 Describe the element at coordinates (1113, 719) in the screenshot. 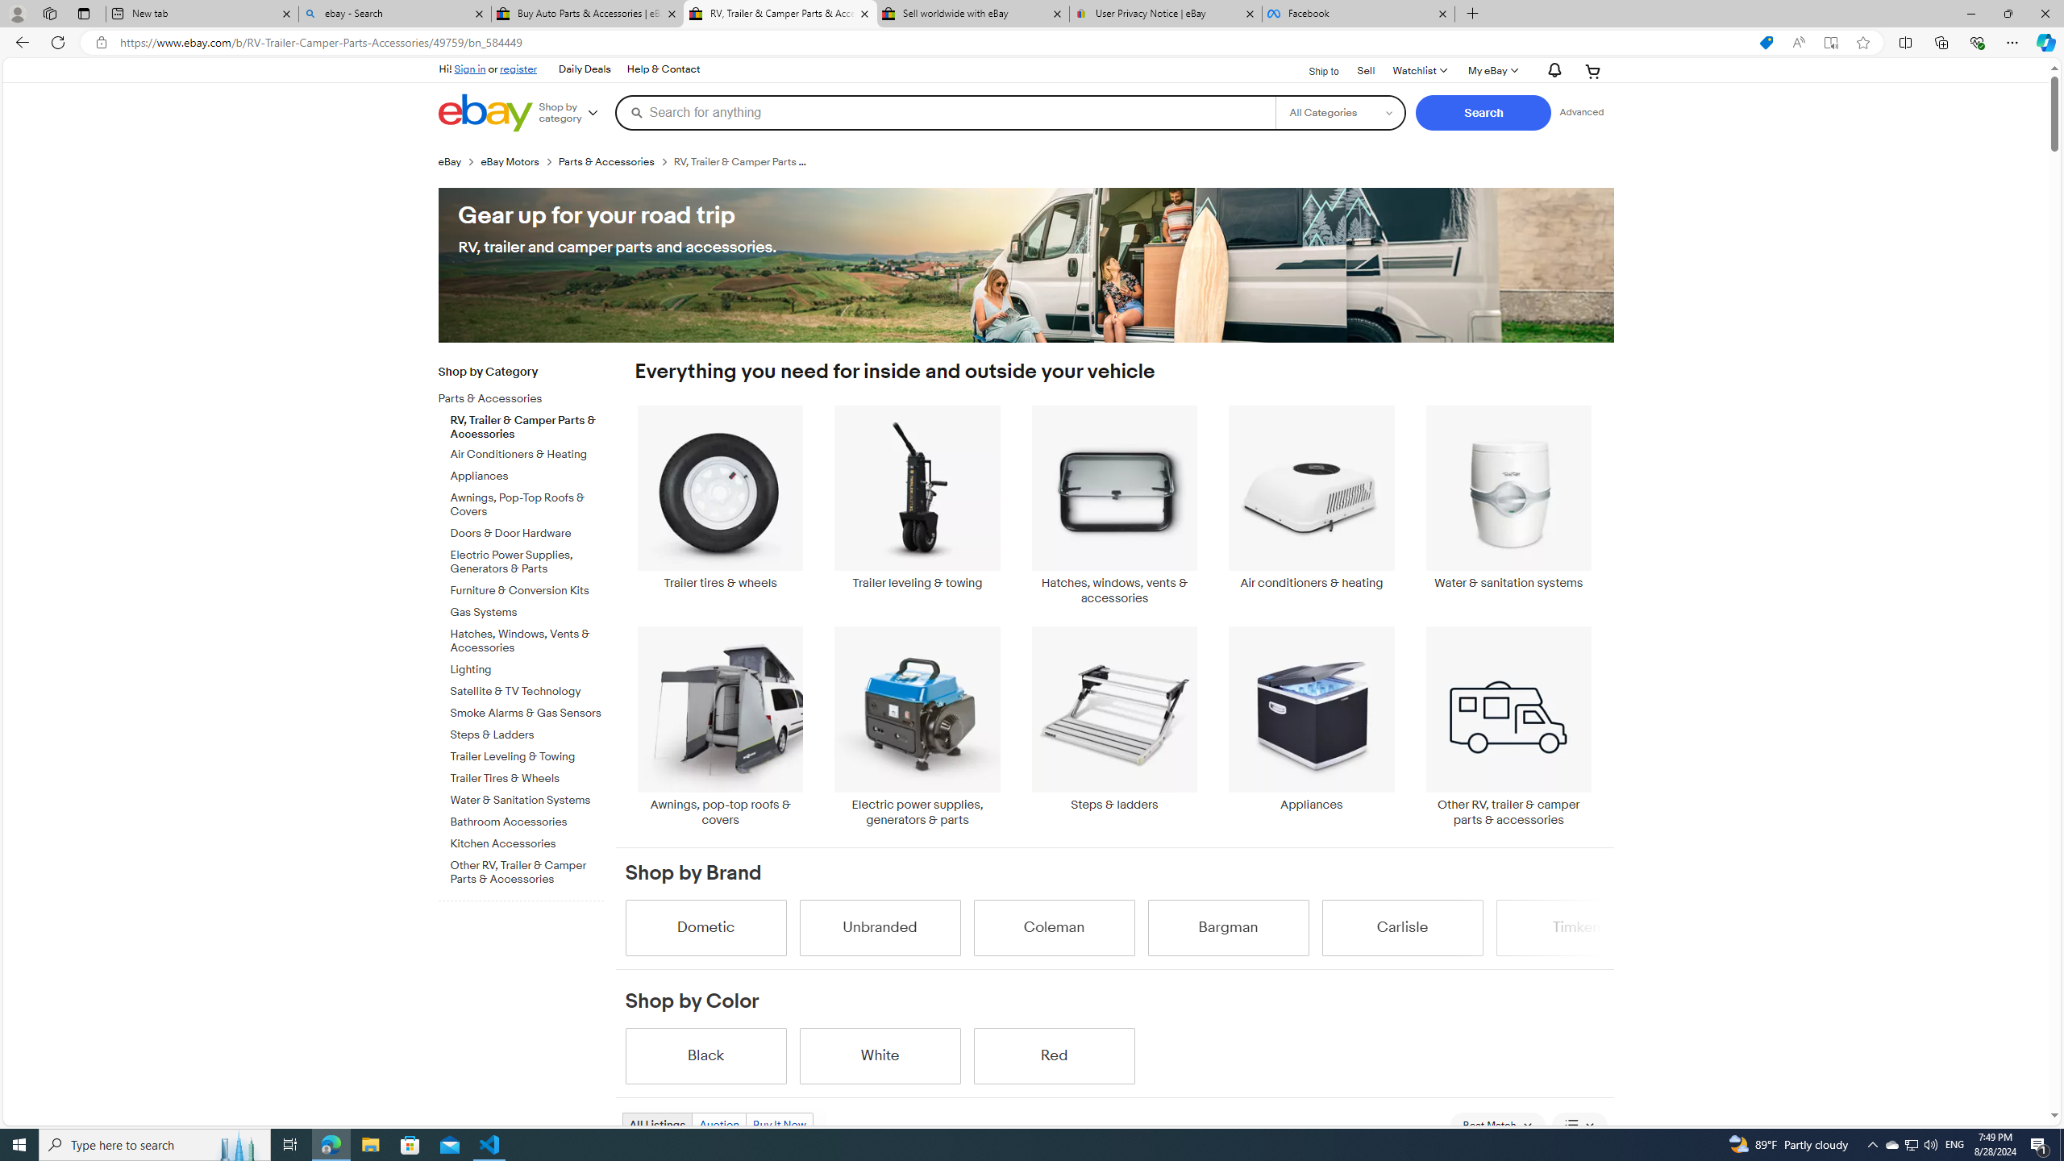

I see `'Steps & ladders'` at that location.